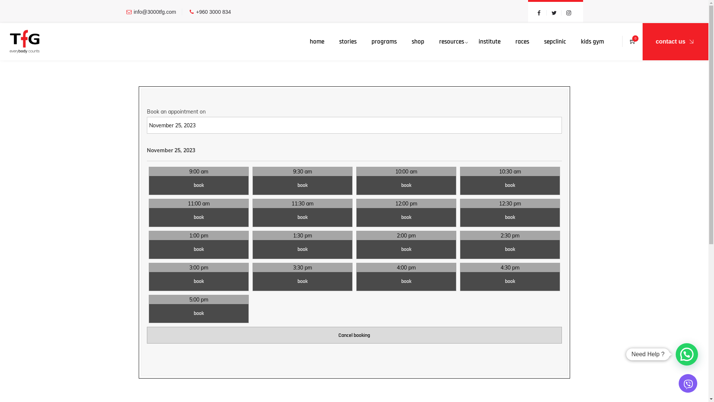 The width and height of the screenshot is (714, 402). What do you see at coordinates (155, 12) in the screenshot?
I see `'info@3000tfg.com'` at bounding box center [155, 12].